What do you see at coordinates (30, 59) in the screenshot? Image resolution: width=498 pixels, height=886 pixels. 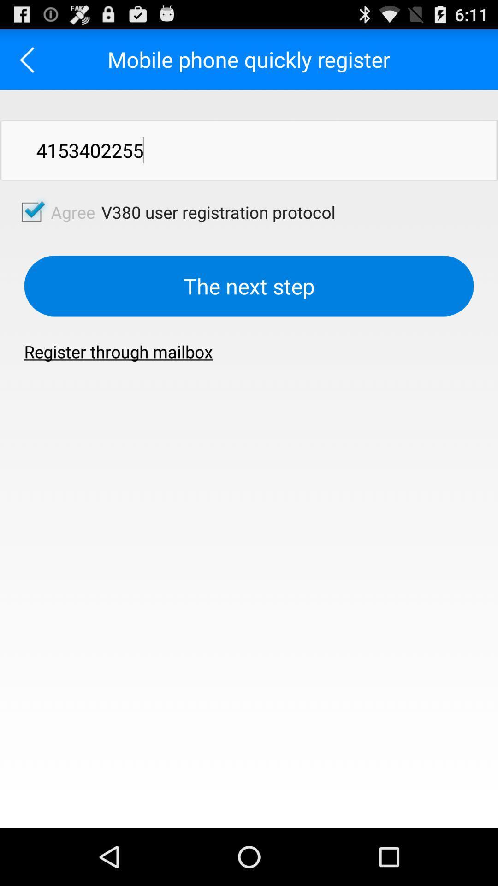 I see `previous` at bounding box center [30, 59].